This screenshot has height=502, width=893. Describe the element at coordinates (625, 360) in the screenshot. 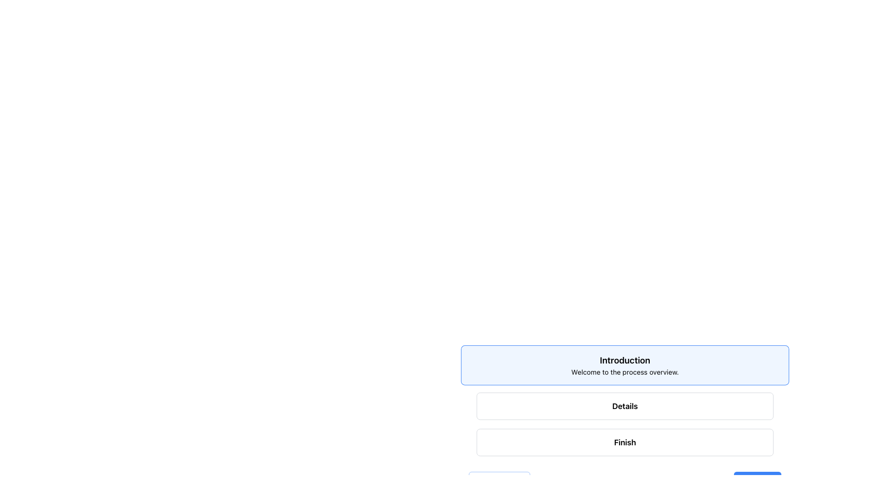

I see `the text label displaying 'Introduction' in bold, black font located on a light blue background` at that location.